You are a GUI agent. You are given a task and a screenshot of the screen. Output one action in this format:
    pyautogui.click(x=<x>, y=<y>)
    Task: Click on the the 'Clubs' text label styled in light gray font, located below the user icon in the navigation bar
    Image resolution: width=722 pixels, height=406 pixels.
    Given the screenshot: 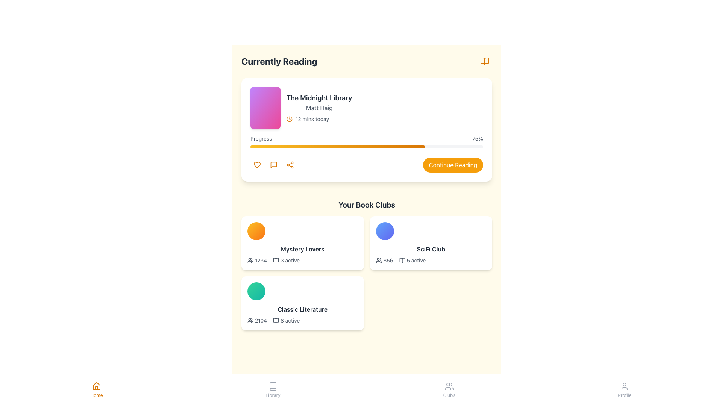 What is the action you would take?
    pyautogui.click(x=449, y=395)
    